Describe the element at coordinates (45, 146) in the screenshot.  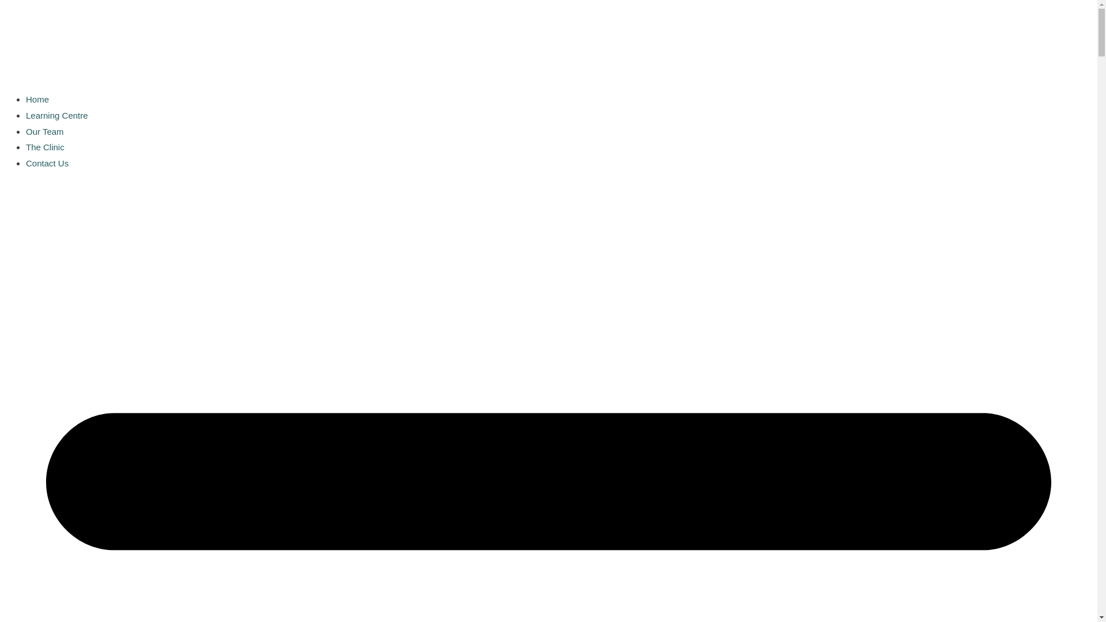
I see `'The Clinic'` at that location.